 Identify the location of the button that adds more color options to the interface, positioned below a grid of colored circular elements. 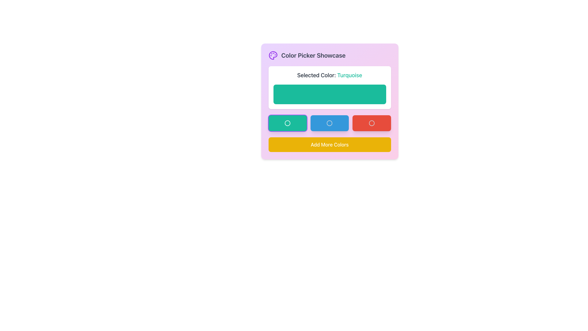
(329, 144).